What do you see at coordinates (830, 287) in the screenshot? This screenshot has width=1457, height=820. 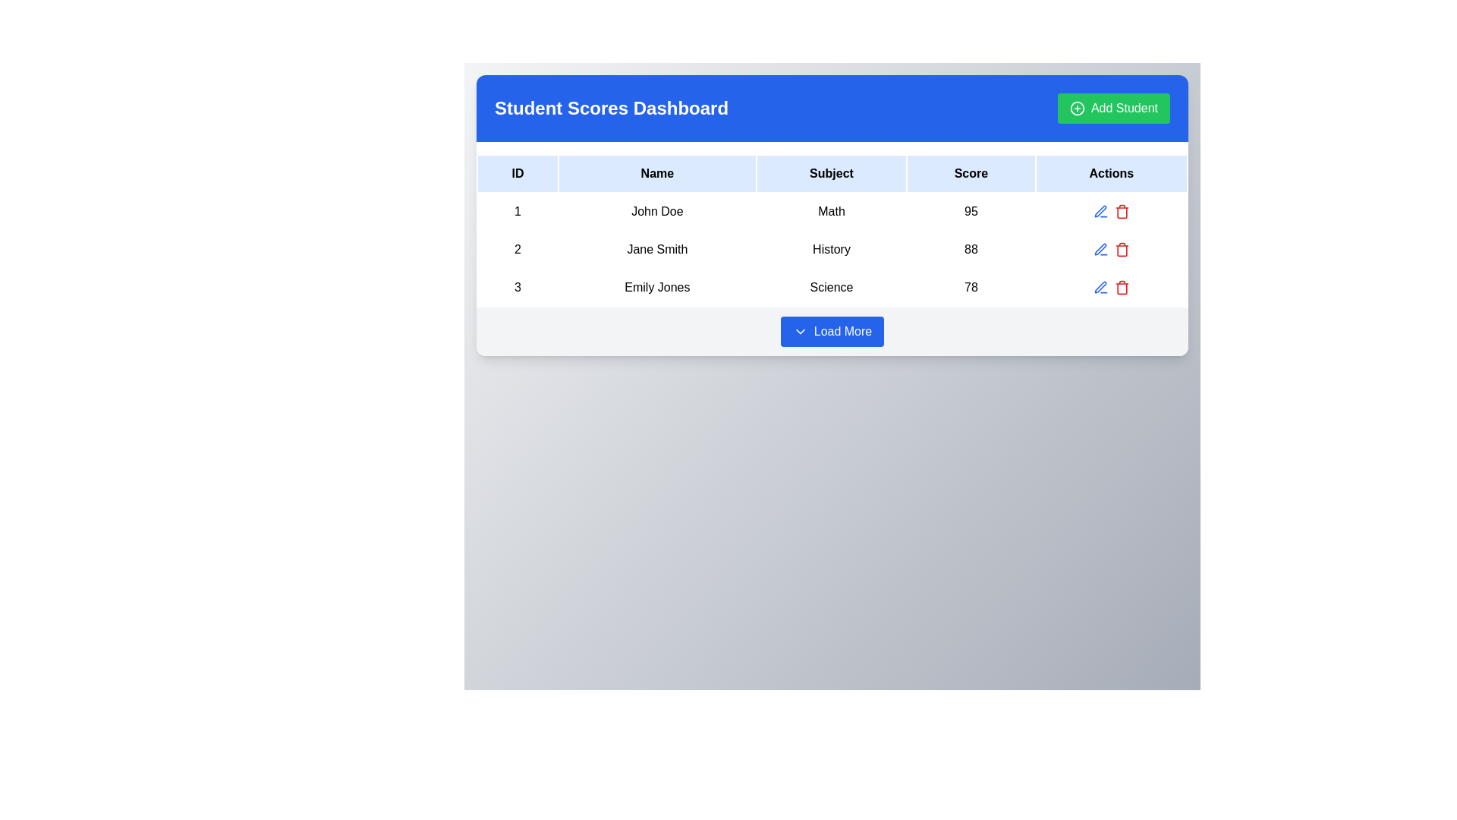 I see `the table cell containing the text 'Science' in the 'Subject' column for the row associated with 'Emily Jones'` at bounding box center [830, 287].